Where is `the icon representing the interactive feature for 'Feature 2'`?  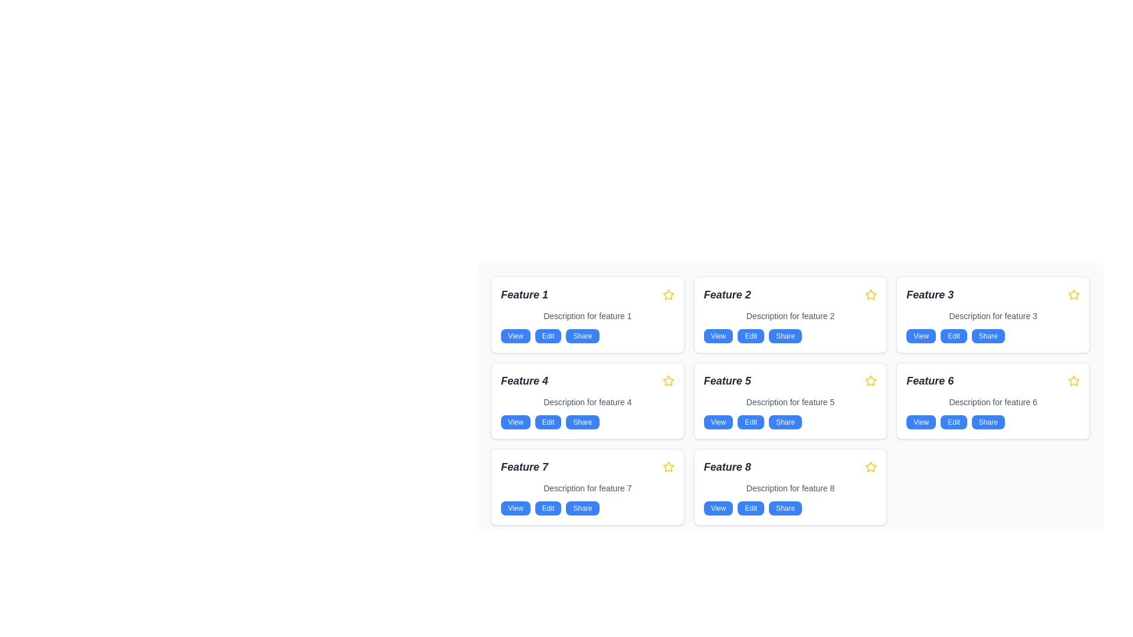 the icon representing the interactive feature for 'Feature 2' is located at coordinates (871, 294).